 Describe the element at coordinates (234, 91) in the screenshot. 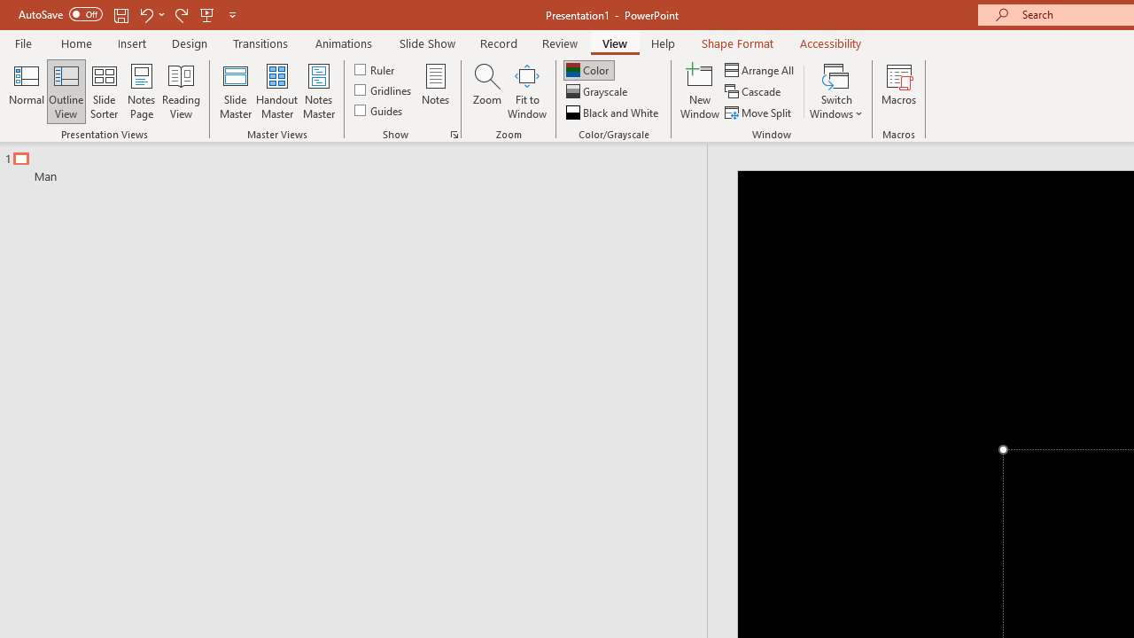

I see `'Slide Master'` at that location.